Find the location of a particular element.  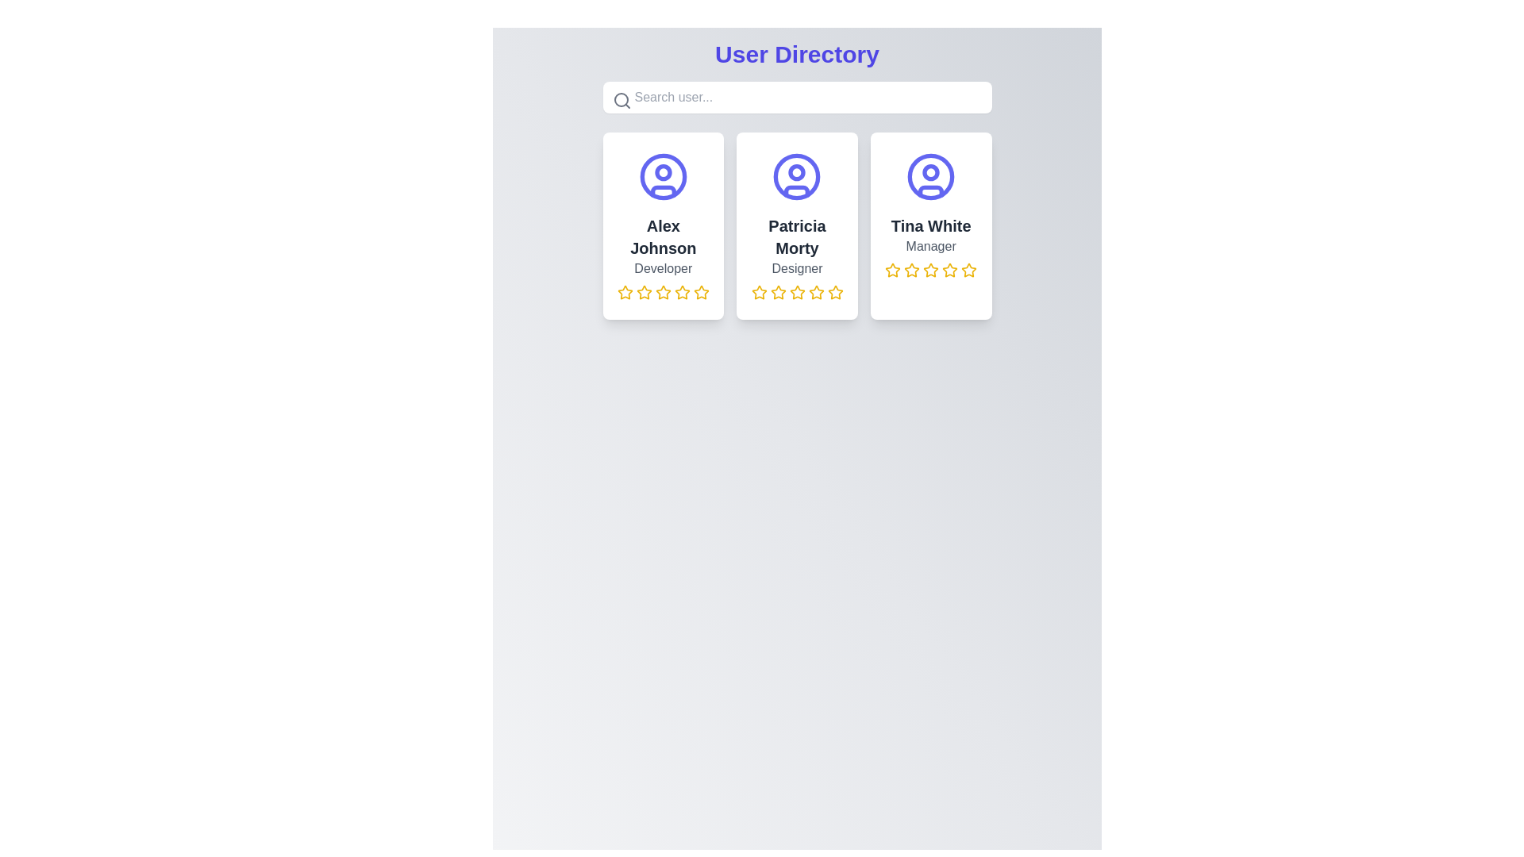

the decorative SVG circle within the profile icon for 'Tina White, Manager', which is centrally aligned inside the card below the 'User Directory' title is located at coordinates (931, 177).